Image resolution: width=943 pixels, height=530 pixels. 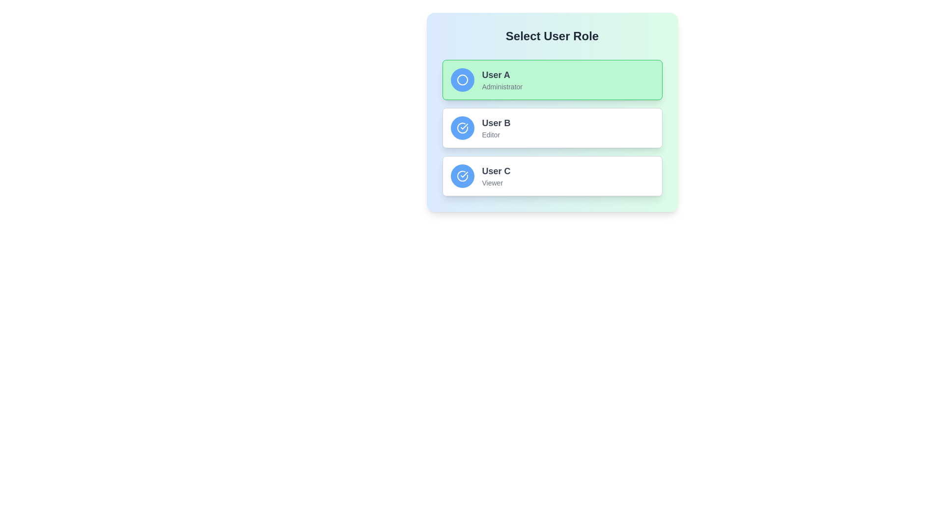 What do you see at coordinates (502, 86) in the screenshot?
I see `the informational text label indicating that 'User A' is assigned the role of 'Administrator'` at bounding box center [502, 86].